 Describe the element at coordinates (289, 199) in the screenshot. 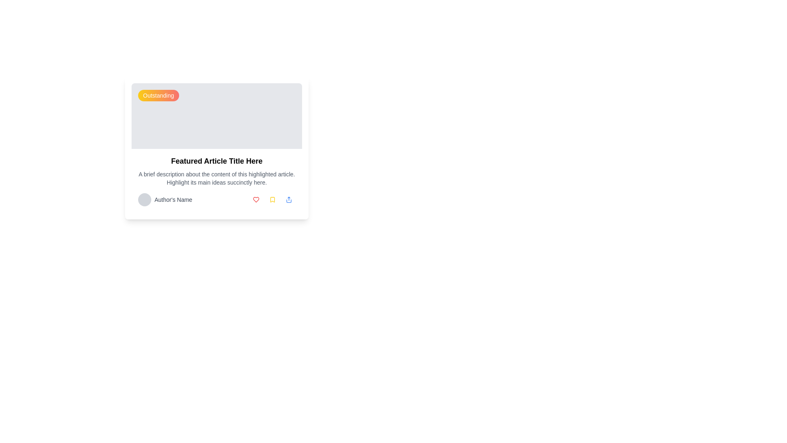

I see `the share button located at the end of a horizontal list of three icons below the article card` at that location.